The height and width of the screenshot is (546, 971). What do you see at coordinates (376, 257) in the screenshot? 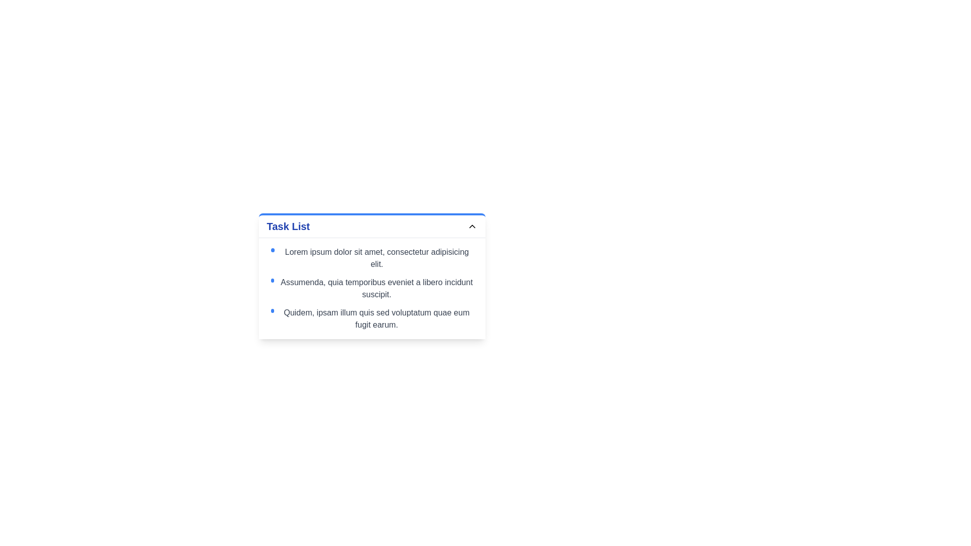
I see `the text block displaying 'Lorem ipsum dolor sit amet, consectetur adipisicing elit.' which is the first item in the 'Task List' section, positioned next to a blue circular bullet icon` at bounding box center [376, 257].